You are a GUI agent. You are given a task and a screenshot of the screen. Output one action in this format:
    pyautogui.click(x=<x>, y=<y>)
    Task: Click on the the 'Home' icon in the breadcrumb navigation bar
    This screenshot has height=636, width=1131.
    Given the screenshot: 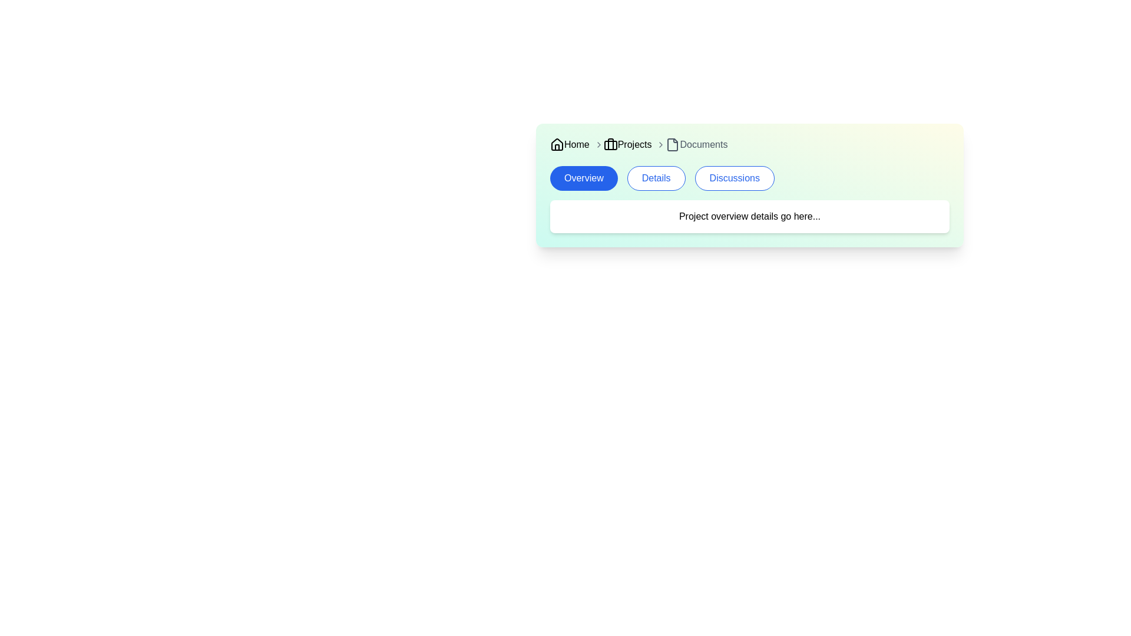 What is the action you would take?
    pyautogui.click(x=556, y=144)
    